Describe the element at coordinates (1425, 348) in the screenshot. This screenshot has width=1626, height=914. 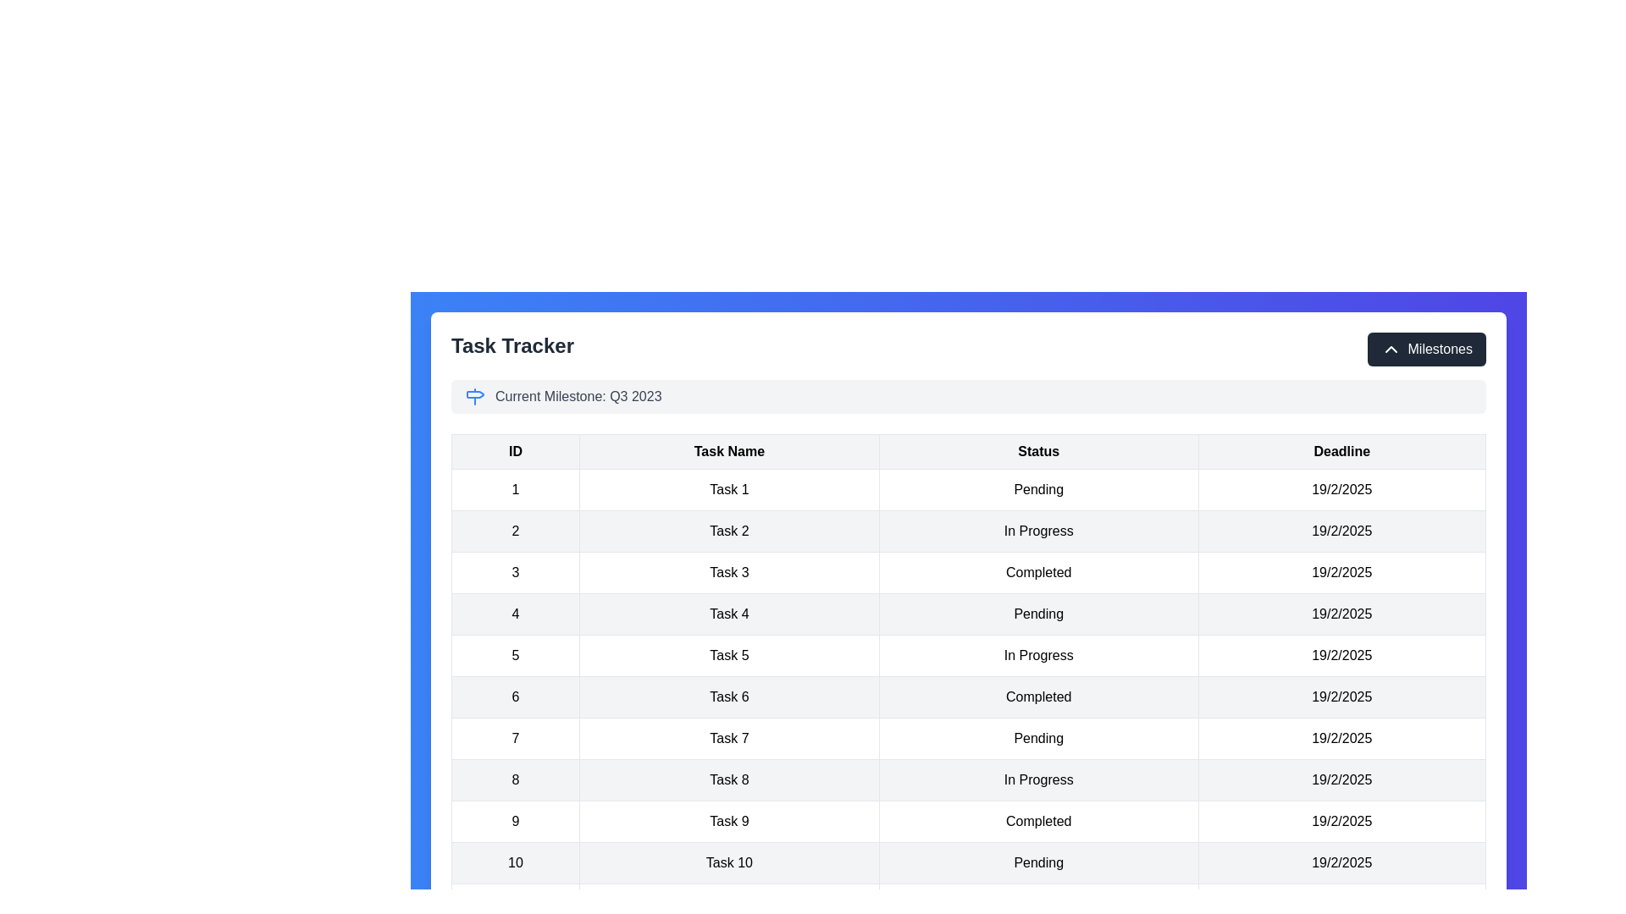
I see `the 'Milestones' button to toggle the milestone information` at that location.